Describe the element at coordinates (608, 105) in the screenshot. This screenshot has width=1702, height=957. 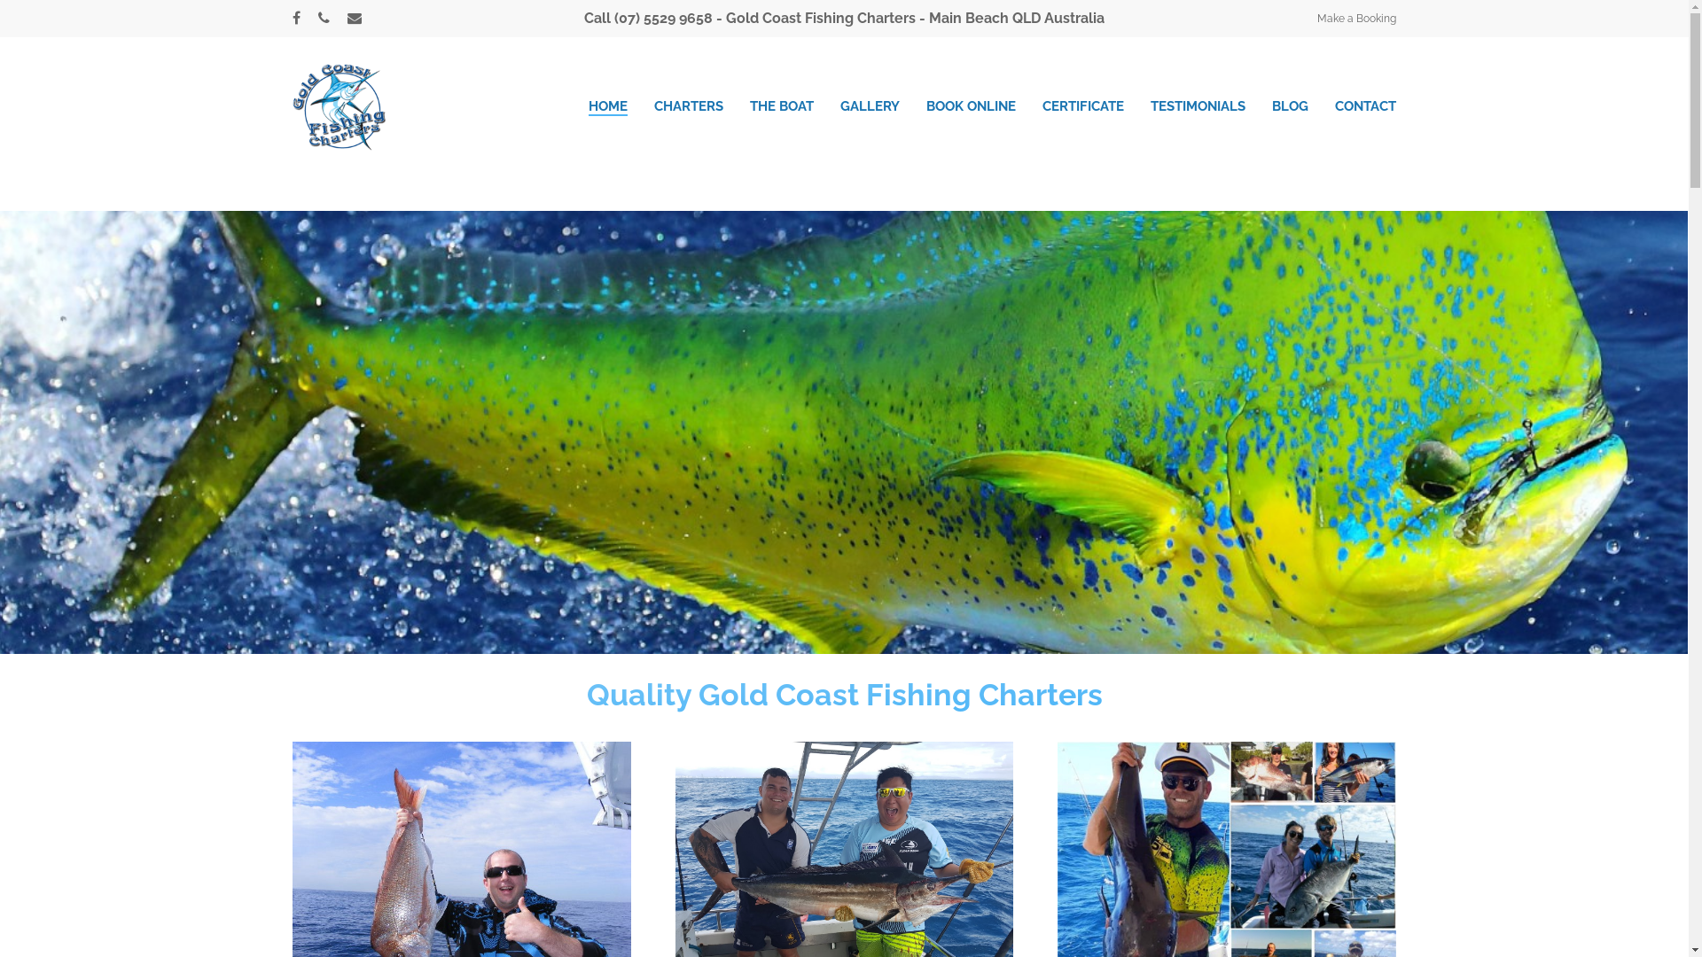
I see `'HOME'` at that location.